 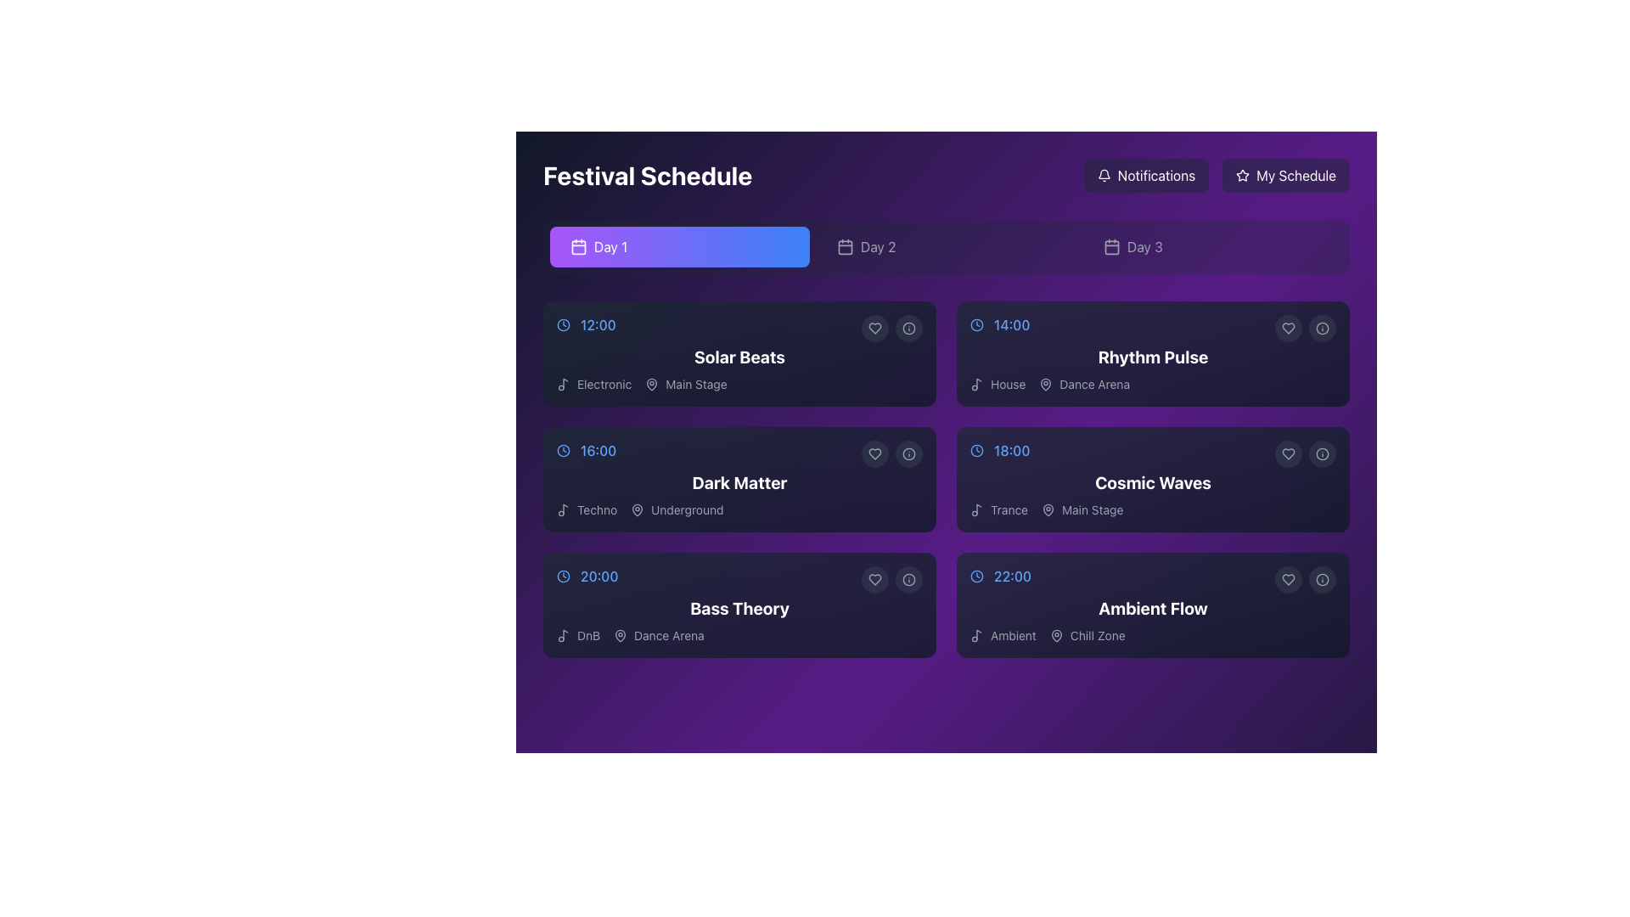 What do you see at coordinates (1288, 328) in the screenshot?
I see `the favorite or like button located in the top-right corner of the 'Rhythm Pulse' schedule card` at bounding box center [1288, 328].